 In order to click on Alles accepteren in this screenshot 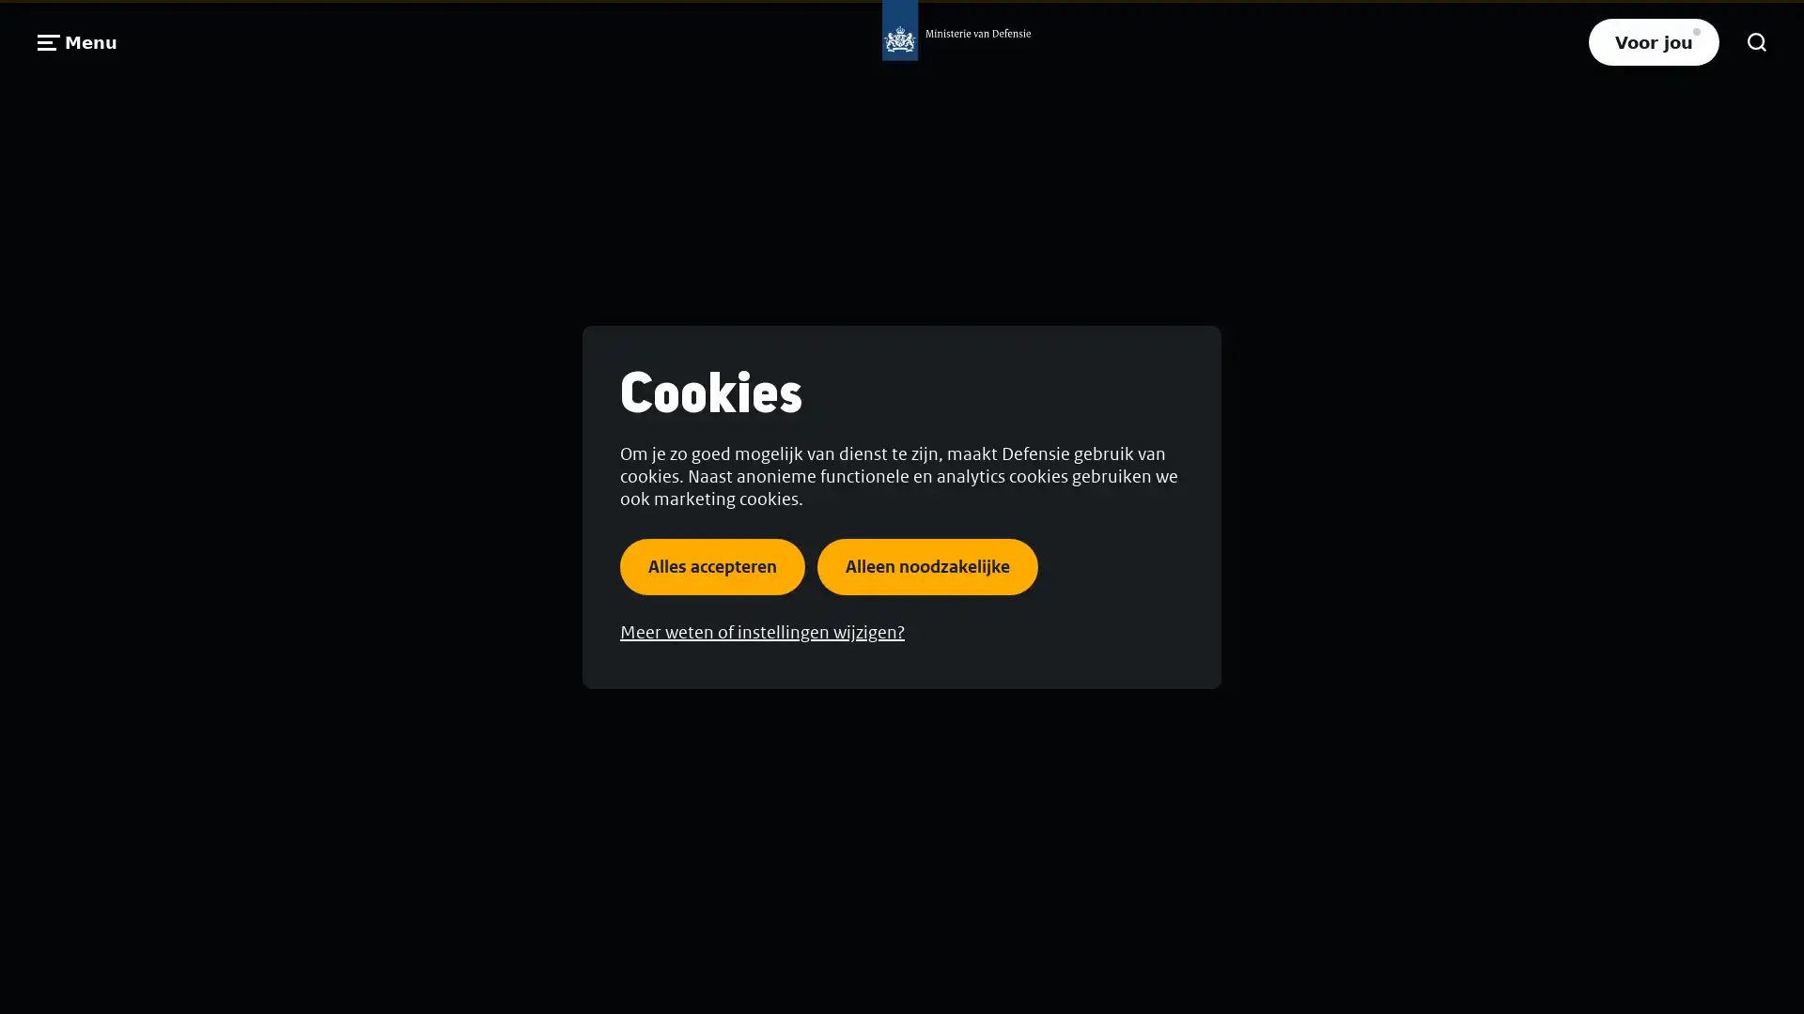, I will do `click(711, 564)`.